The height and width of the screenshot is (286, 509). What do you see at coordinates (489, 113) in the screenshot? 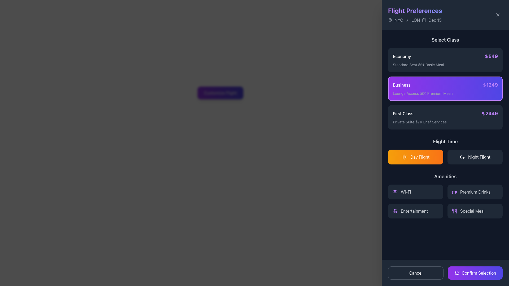
I see `the price text label for the 'First Class' option in the flight preferences interface, which is located on the right side of the 'Select Class' section, horizontally aligned with the 'First Class' label` at bounding box center [489, 113].